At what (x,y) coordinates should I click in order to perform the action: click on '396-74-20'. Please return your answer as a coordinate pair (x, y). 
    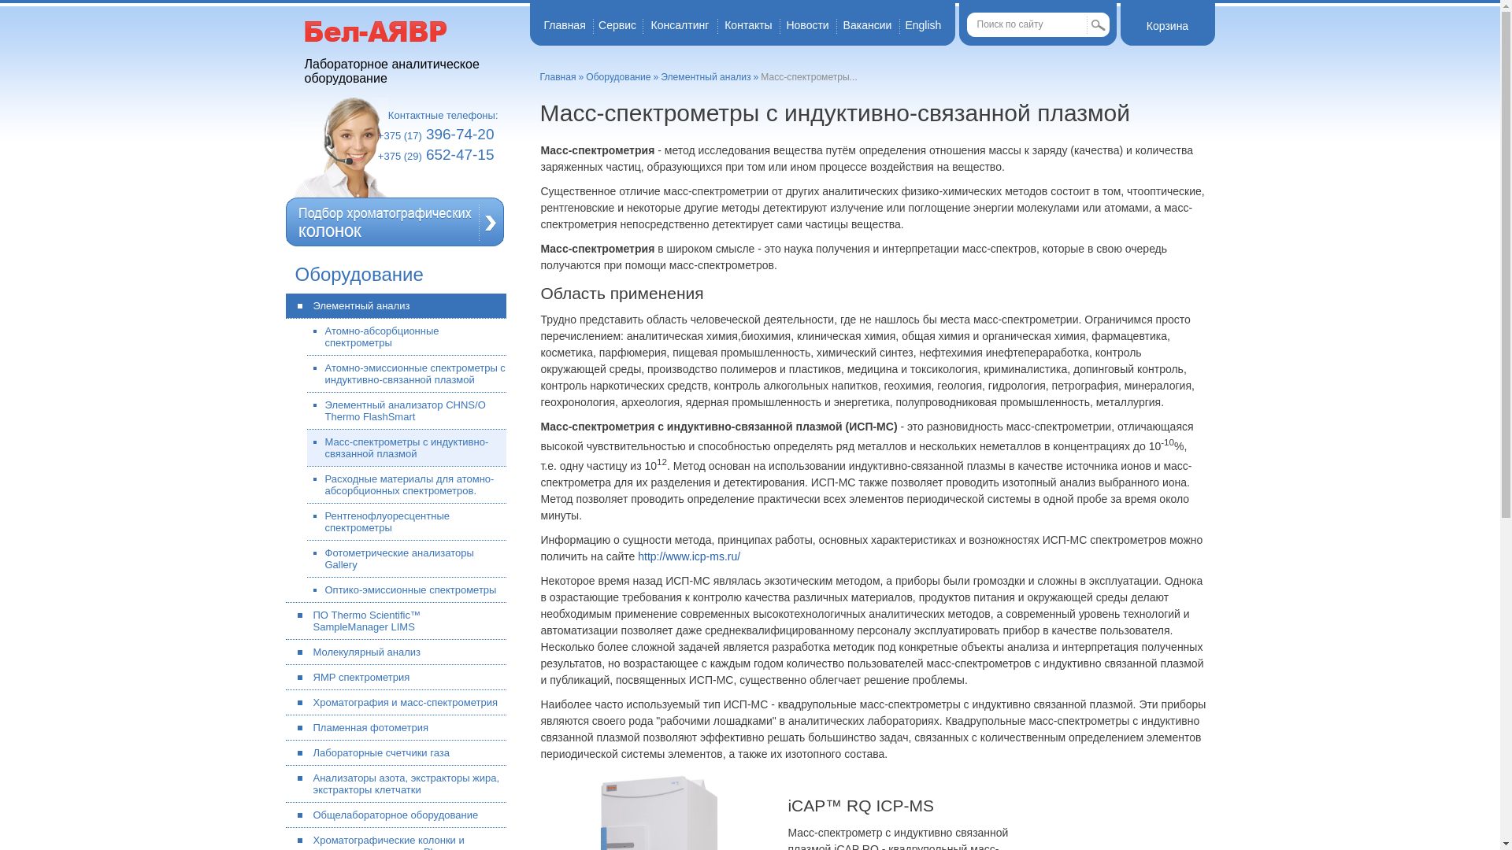
    Looking at the image, I should click on (459, 133).